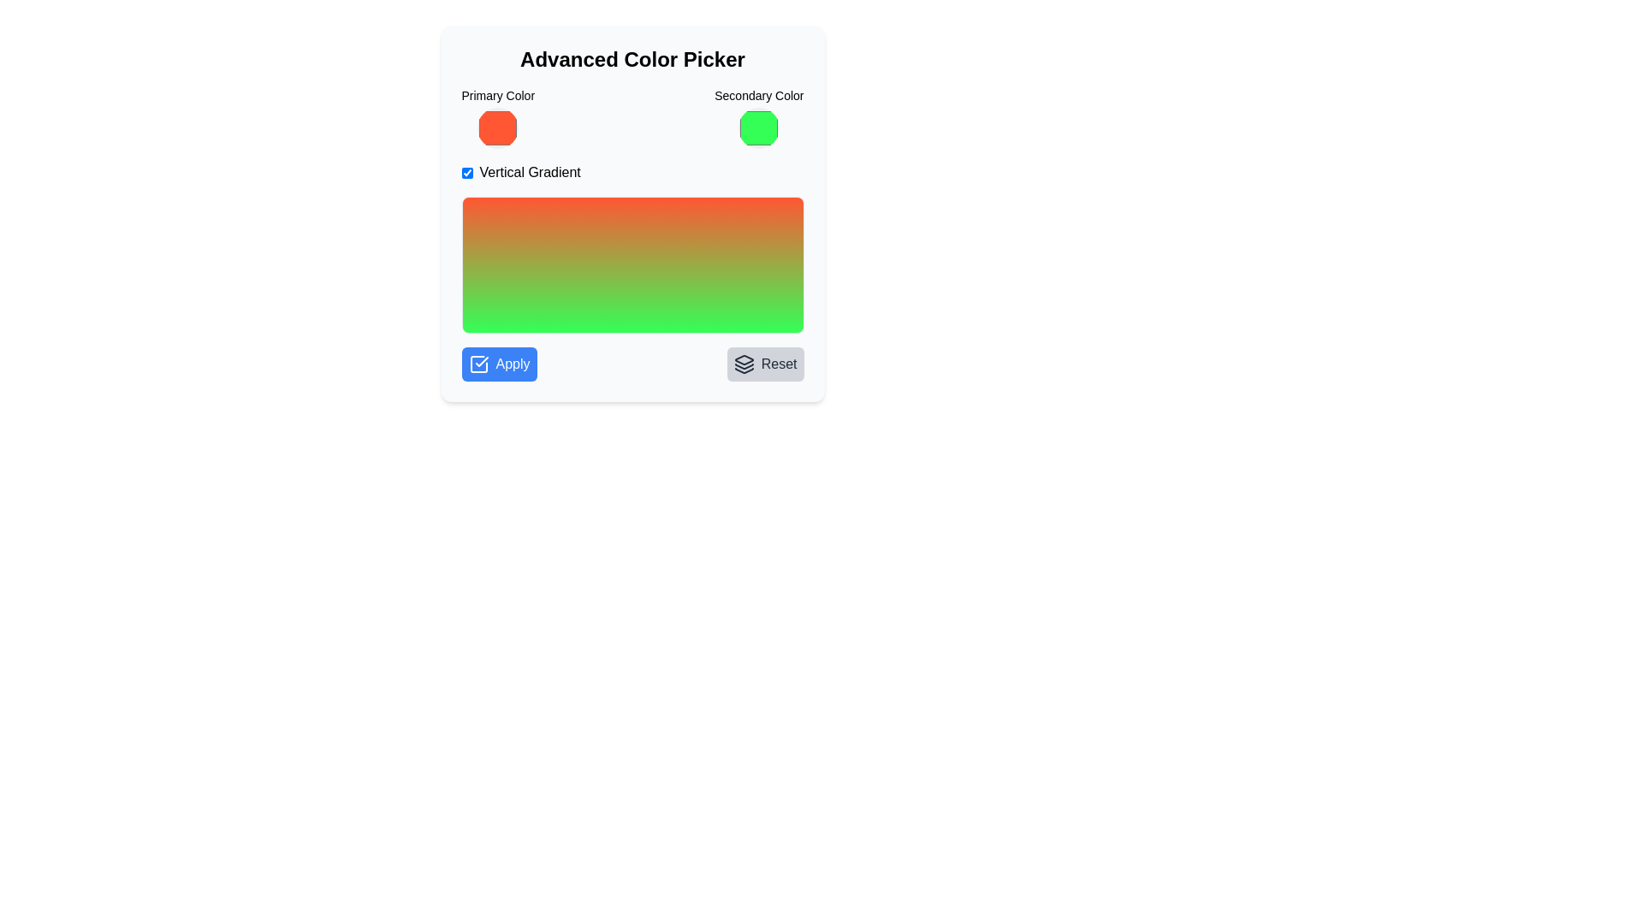 This screenshot has width=1643, height=924. What do you see at coordinates (467, 172) in the screenshot?
I see `the checkbox located next to the label 'Vertical Gradient'` at bounding box center [467, 172].